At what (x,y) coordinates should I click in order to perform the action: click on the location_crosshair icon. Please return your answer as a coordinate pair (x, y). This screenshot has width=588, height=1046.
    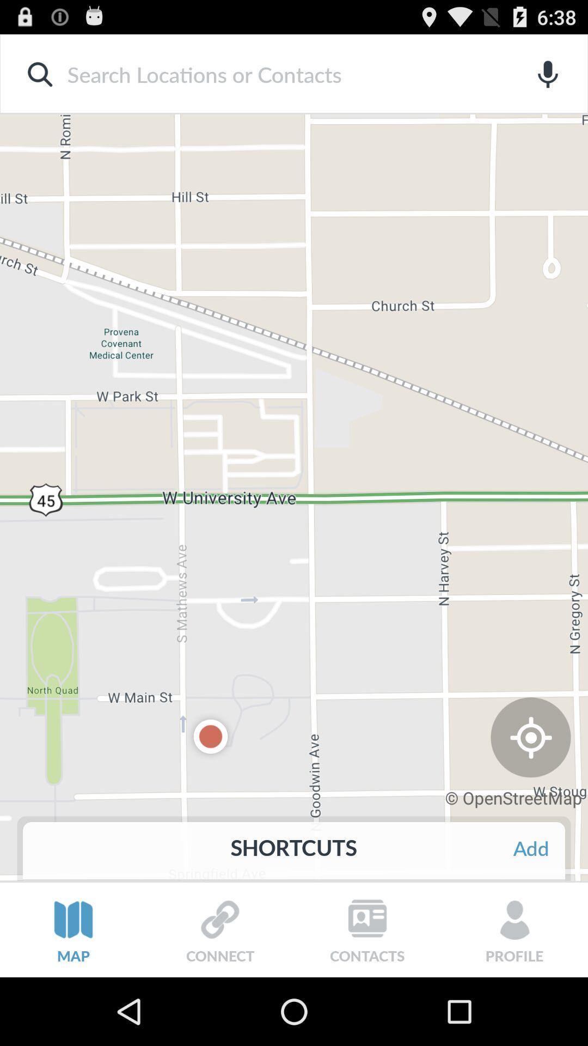
    Looking at the image, I should click on (530, 789).